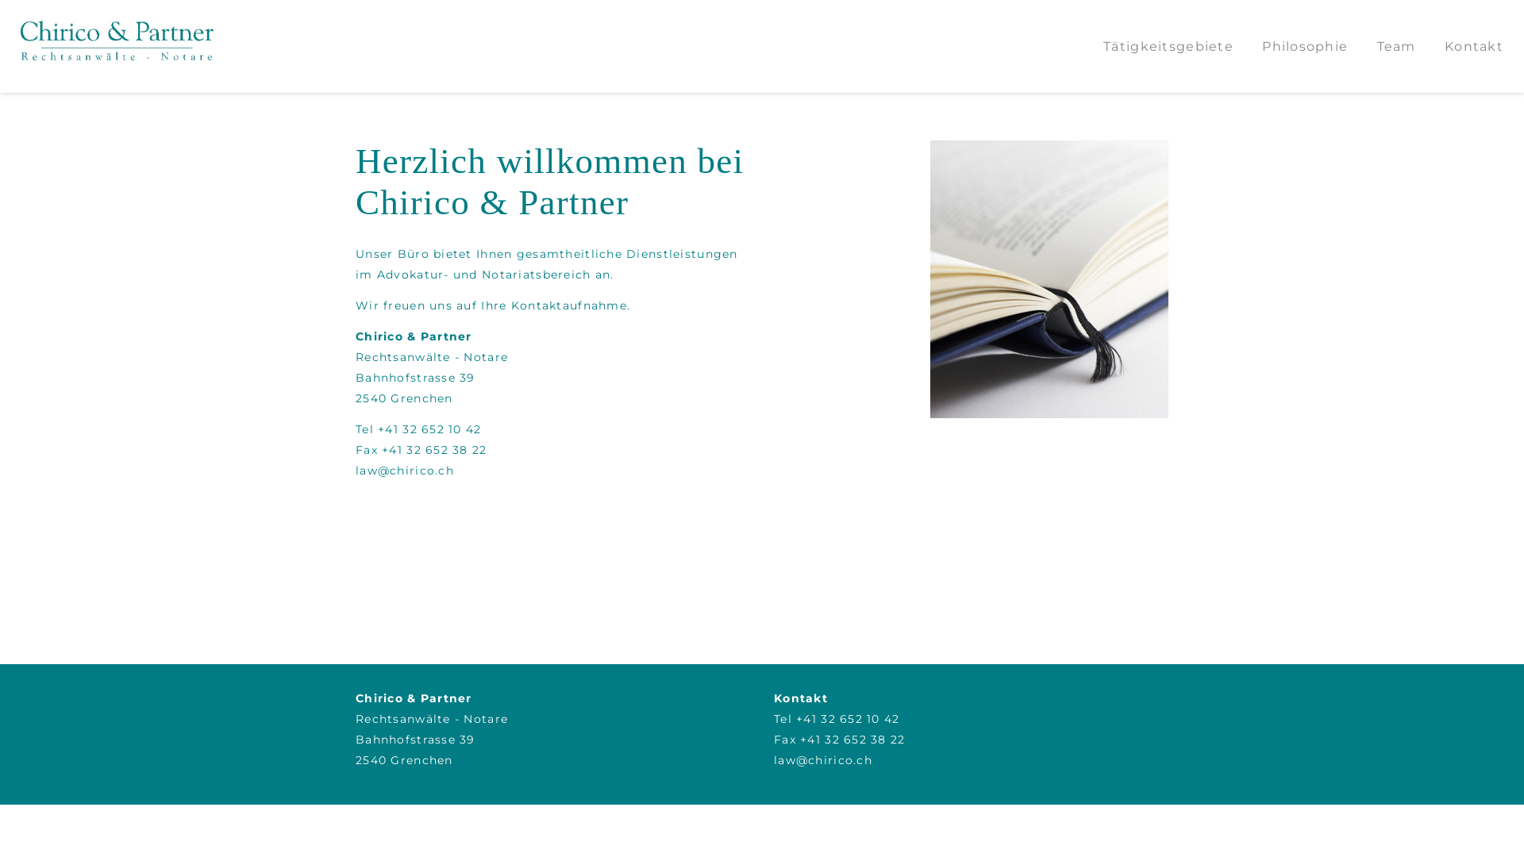 The height and width of the screenshot is (857, 1524). What do you see at coordinates (404, 470) in the screenshot?
I see `'law@chirico.ch'` at bounding box center [404, 470].